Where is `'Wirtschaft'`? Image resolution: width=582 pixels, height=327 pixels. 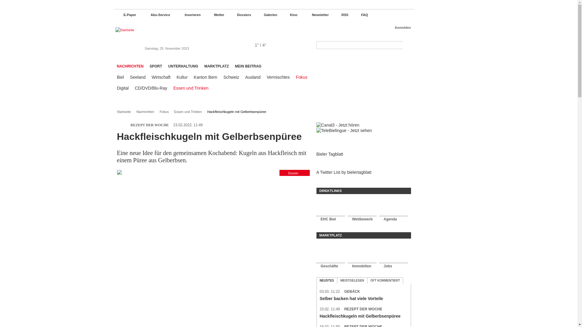
'Wirtschaft' is located at coordinates (161, 77).